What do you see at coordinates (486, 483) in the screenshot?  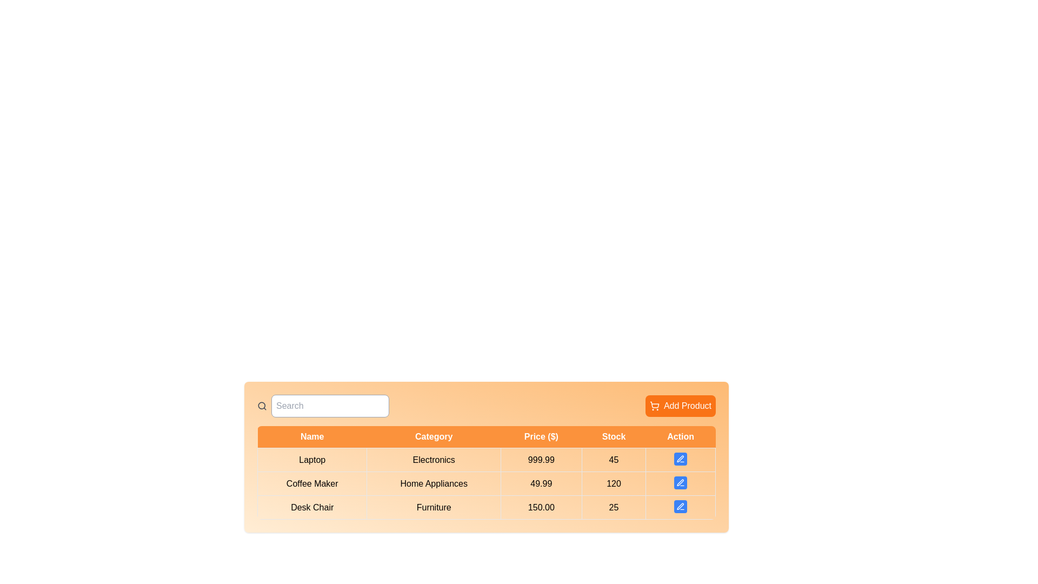 I see `the second row in the product table containing 'Coffee Maker'` at bounding box center [486, 483].